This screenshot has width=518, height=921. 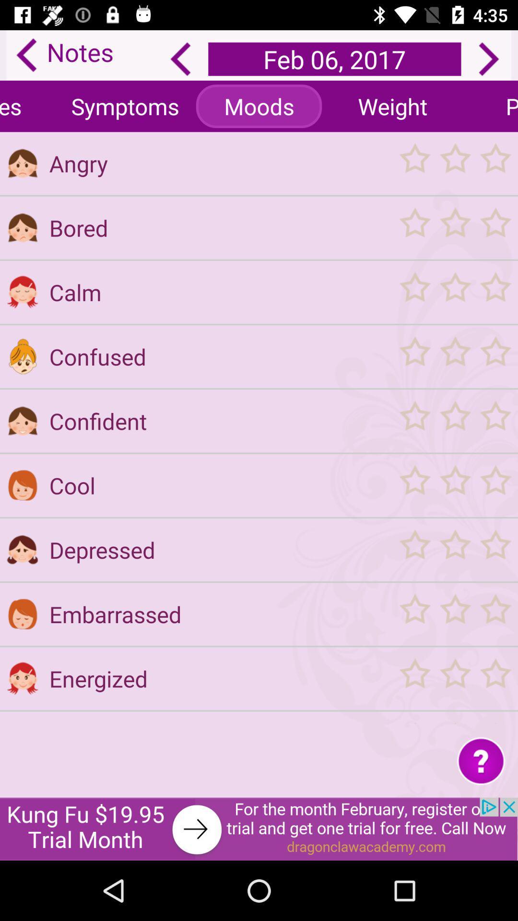 I want to click on the arrow_backward icon, so click(x=180, y=59).